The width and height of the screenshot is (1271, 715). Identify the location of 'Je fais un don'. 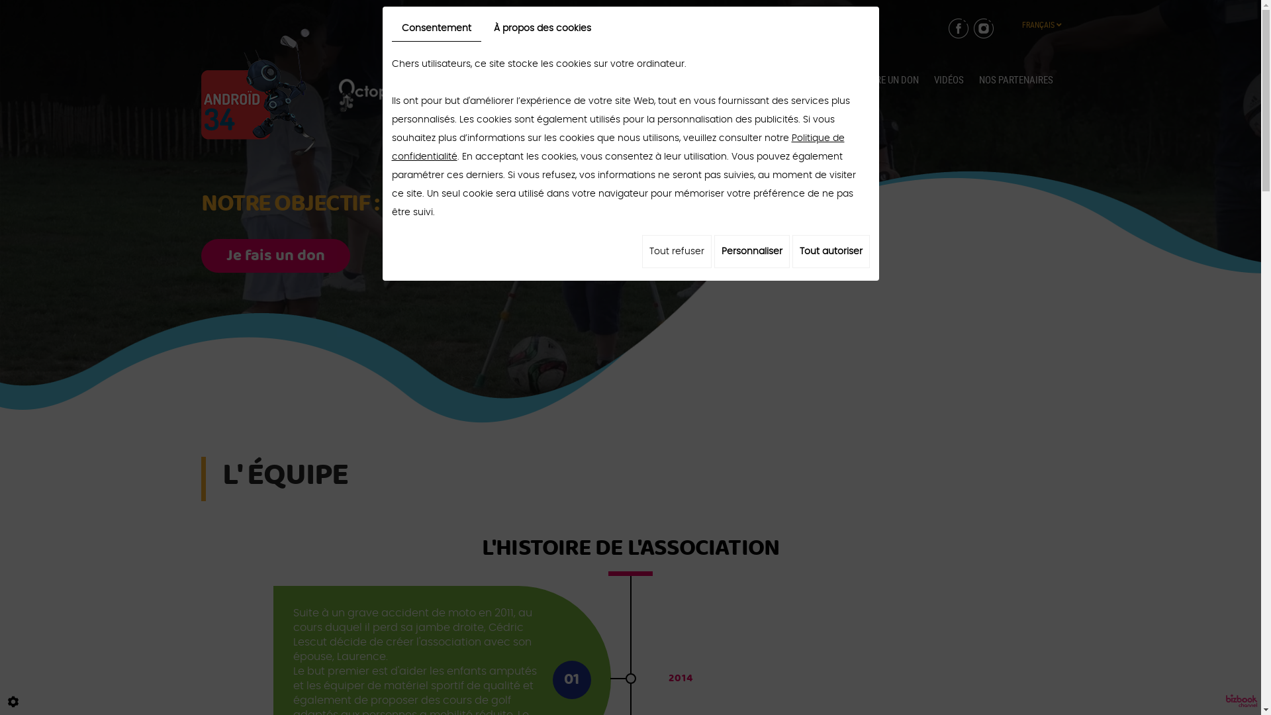
(275, 258).